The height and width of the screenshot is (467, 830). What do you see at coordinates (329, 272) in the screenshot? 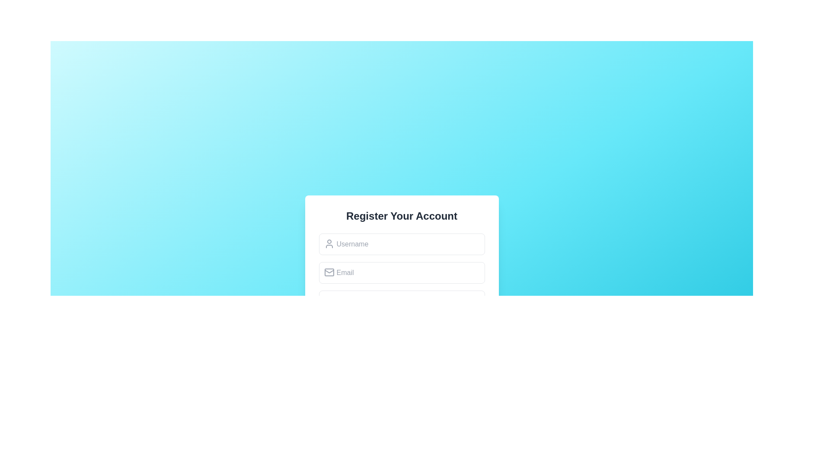
I see `the small mail icon, which is a simplistic envelope graphic located at the top-left corner of the email input field in the registration form` at bounding box center [329, 272].